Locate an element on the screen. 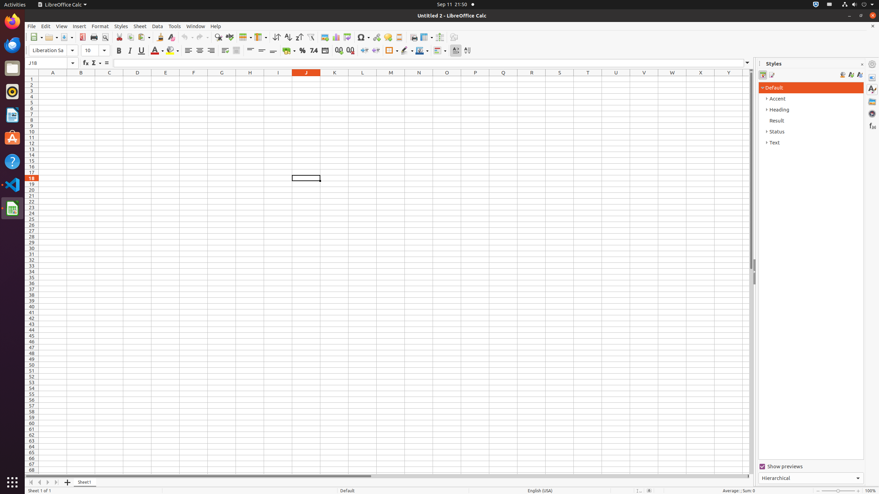  'Symbol' is located at coordinates (363, 37).